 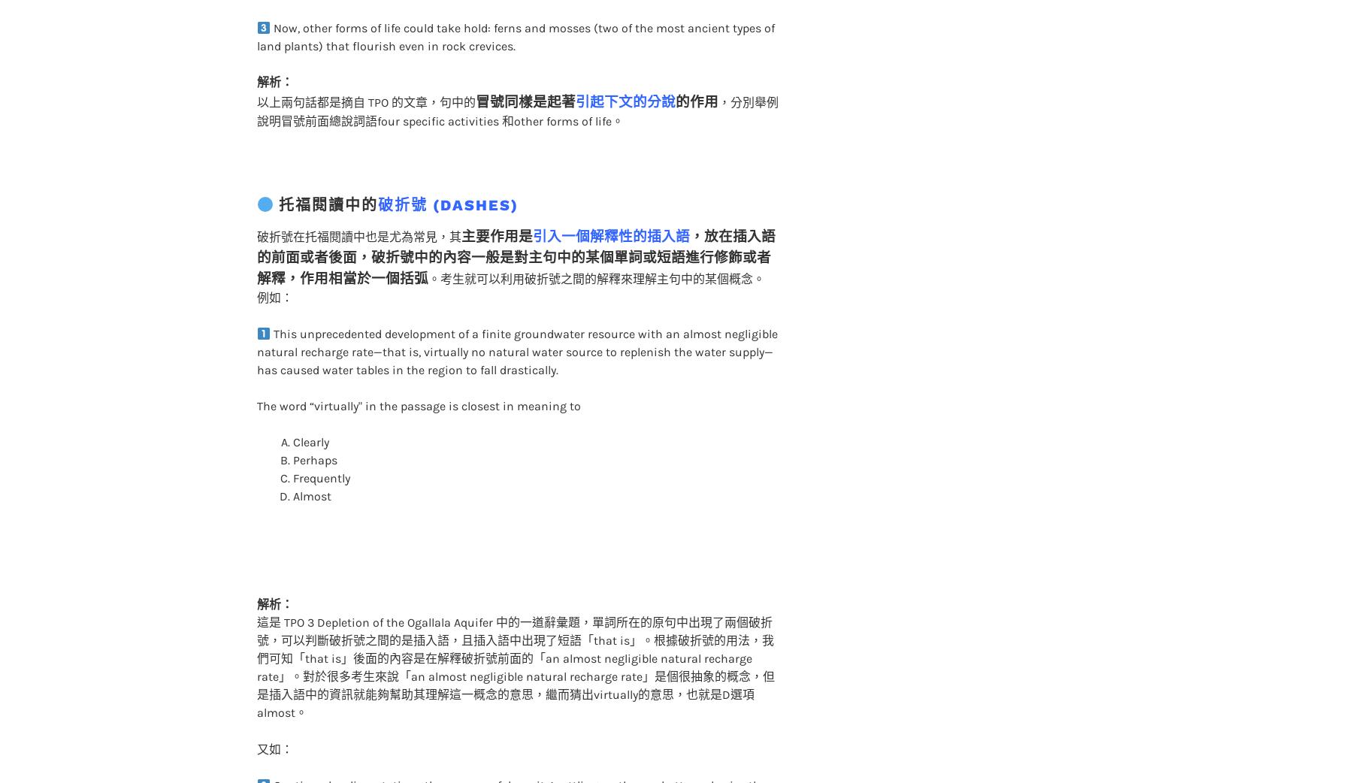 I want to click on '破折號 (dashes)', so click(x=448, y=174).